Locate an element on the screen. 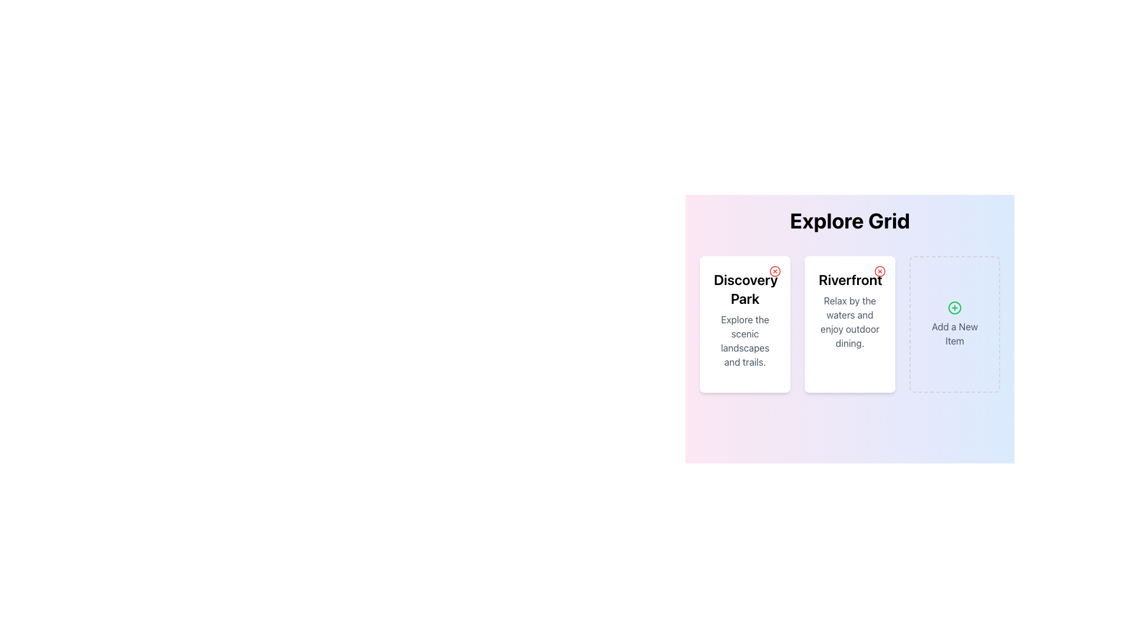  the heading or title text located in the upper half of the first card is located at coordinates (745, 289).